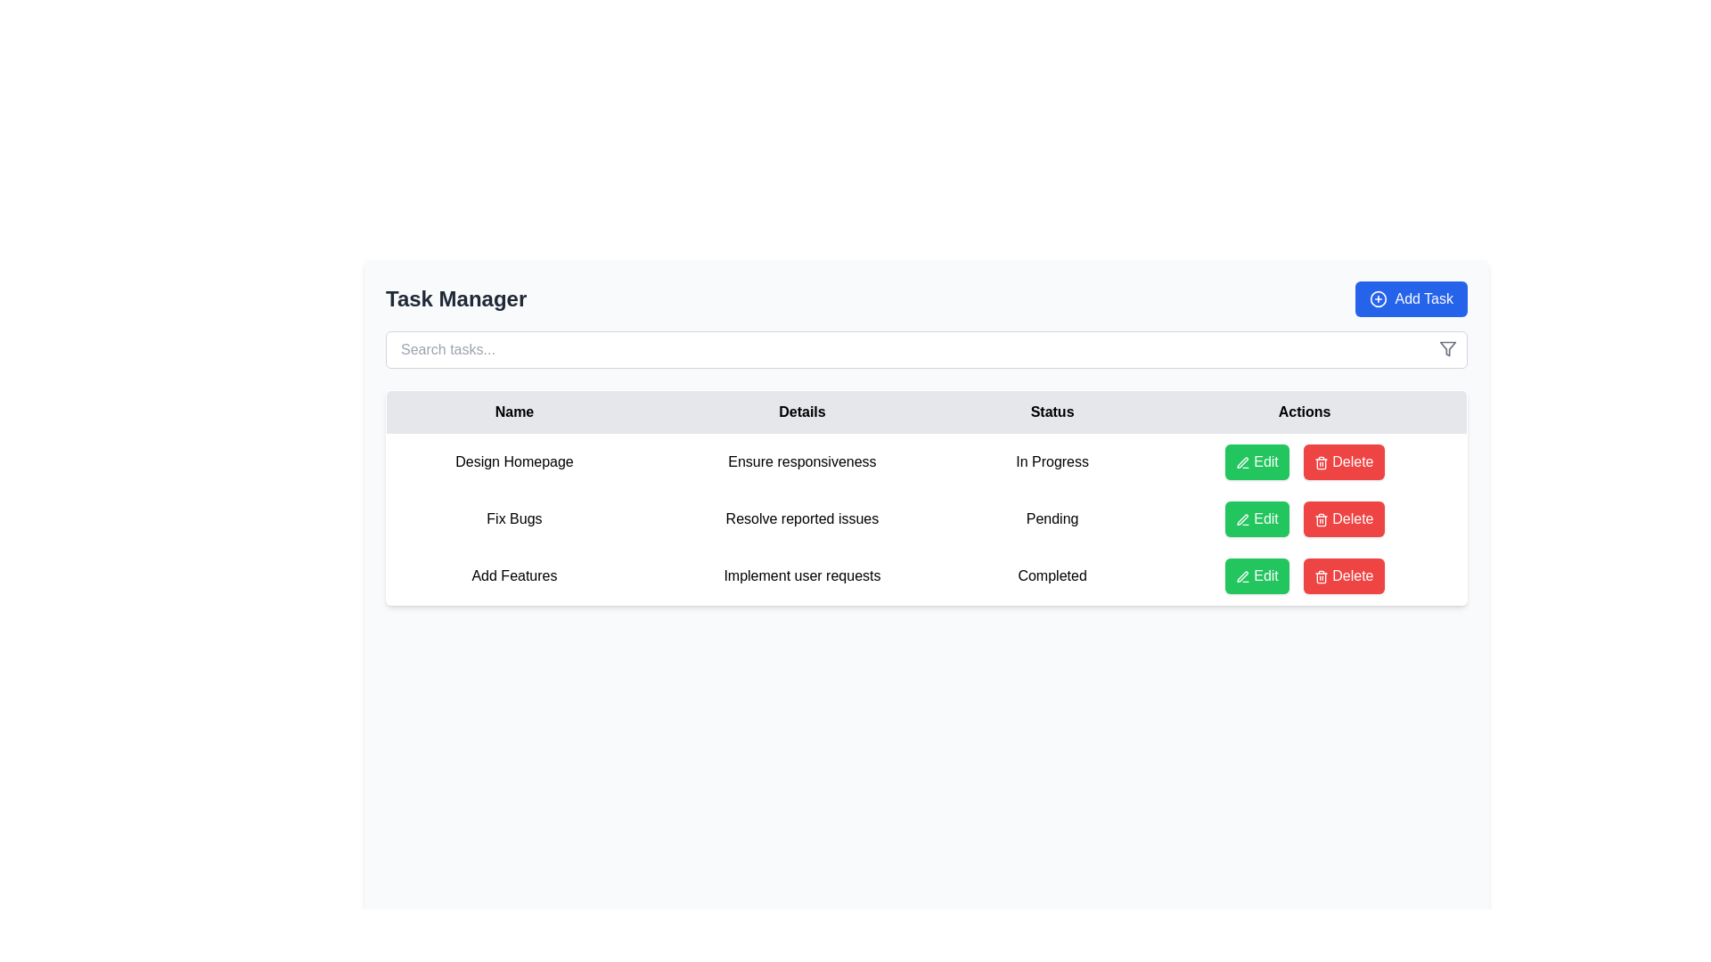 This screenshot has height=962, width=1711. I want to click on the circular plus icon located on the right side of the top blue button labeled 'Add Task', so click(1378, 298).